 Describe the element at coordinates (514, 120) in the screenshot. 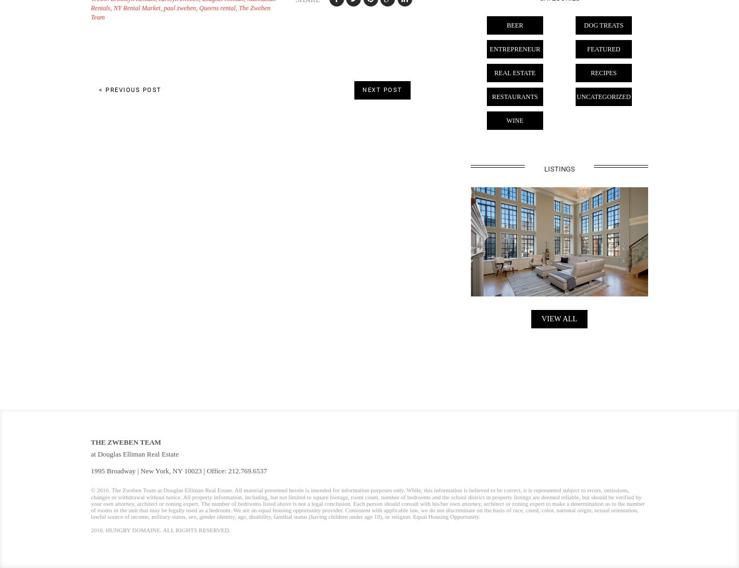

I see `'wine'` at that location.